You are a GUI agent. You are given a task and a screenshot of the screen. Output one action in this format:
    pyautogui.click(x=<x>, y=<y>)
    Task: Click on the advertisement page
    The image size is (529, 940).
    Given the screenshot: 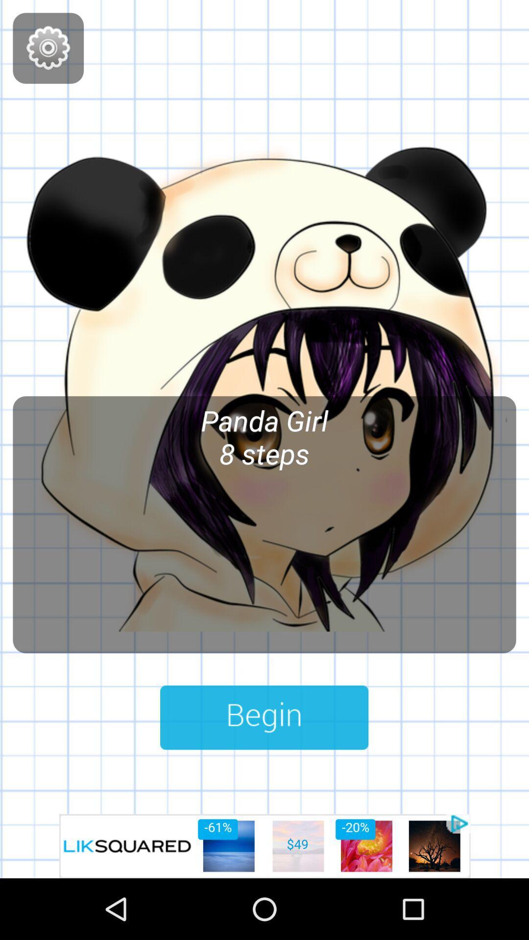 What is the action you would take?
    pyautogui.click(x=264, y=846)
    